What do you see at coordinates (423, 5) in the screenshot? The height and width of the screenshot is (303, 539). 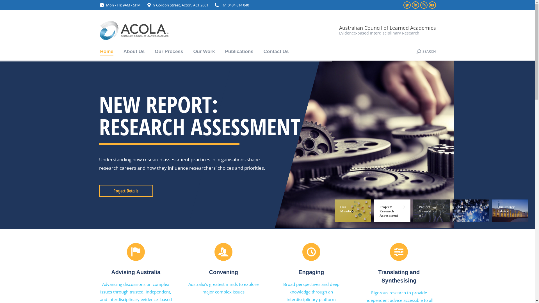 I see `'Rss page opens in new window'` at bounding box center [423, 5].